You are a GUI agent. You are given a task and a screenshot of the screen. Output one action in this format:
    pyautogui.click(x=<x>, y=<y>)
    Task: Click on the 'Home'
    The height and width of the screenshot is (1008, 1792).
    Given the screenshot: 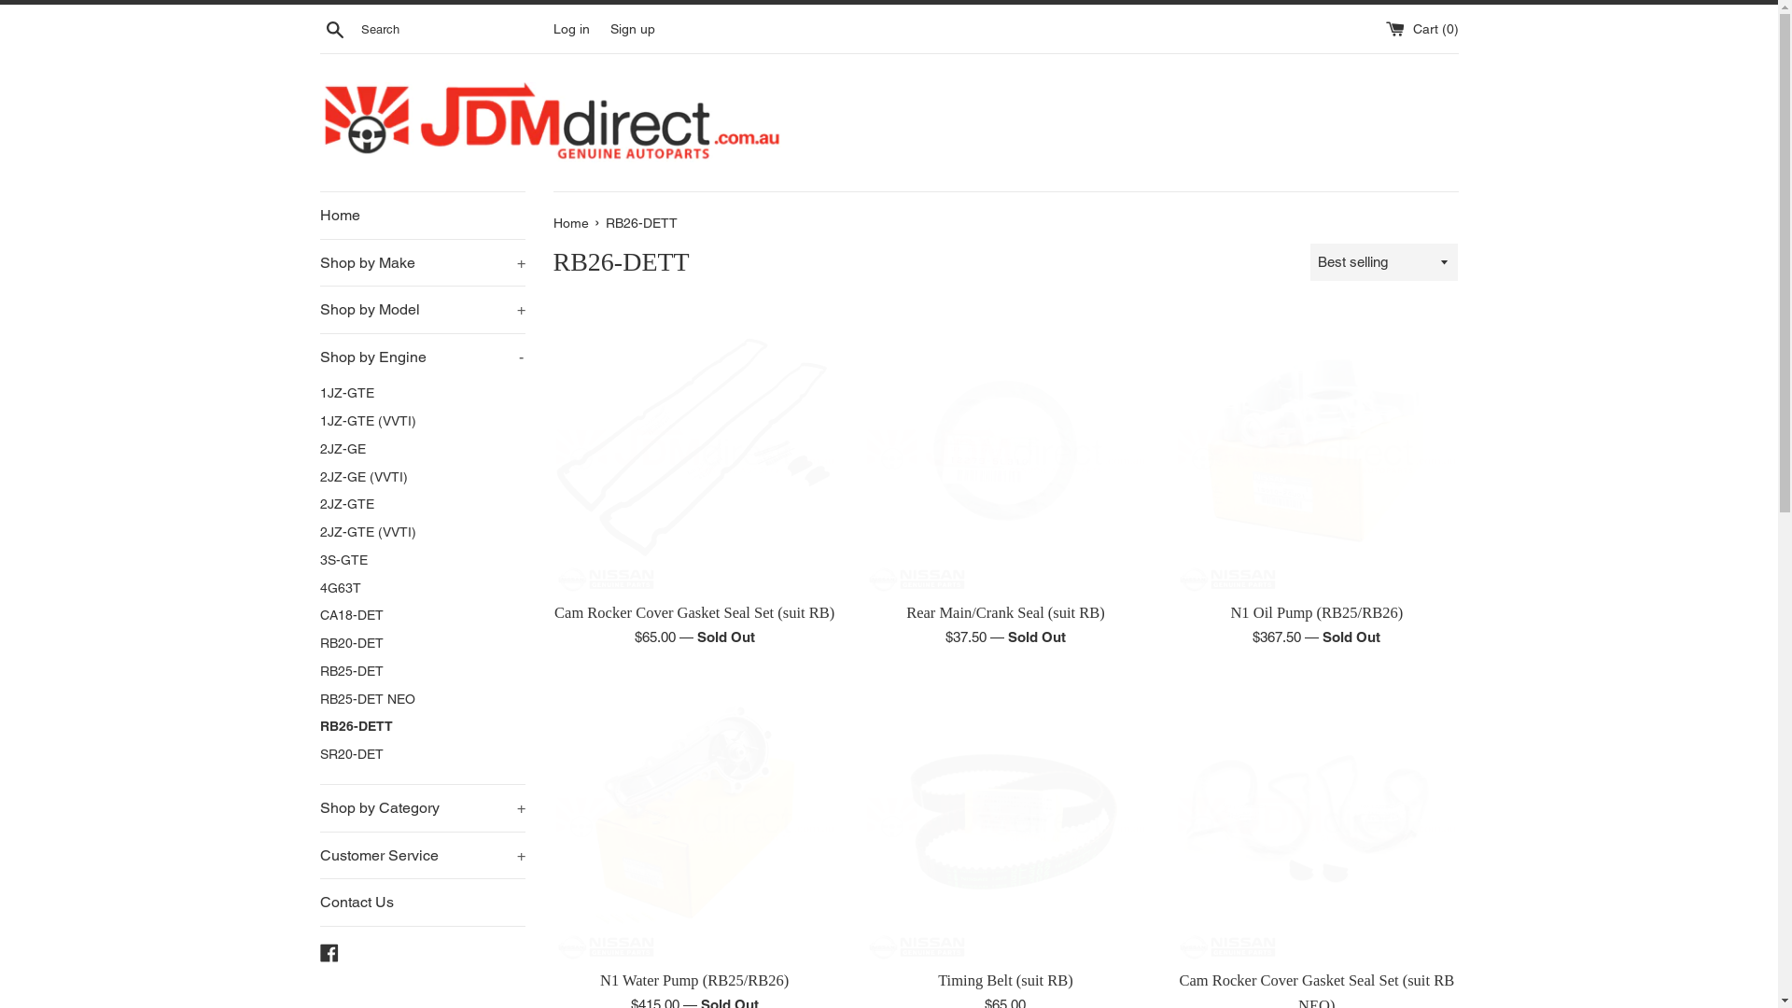 What is the action you would take?
    pyautogui.click(x=420, y=215)
    